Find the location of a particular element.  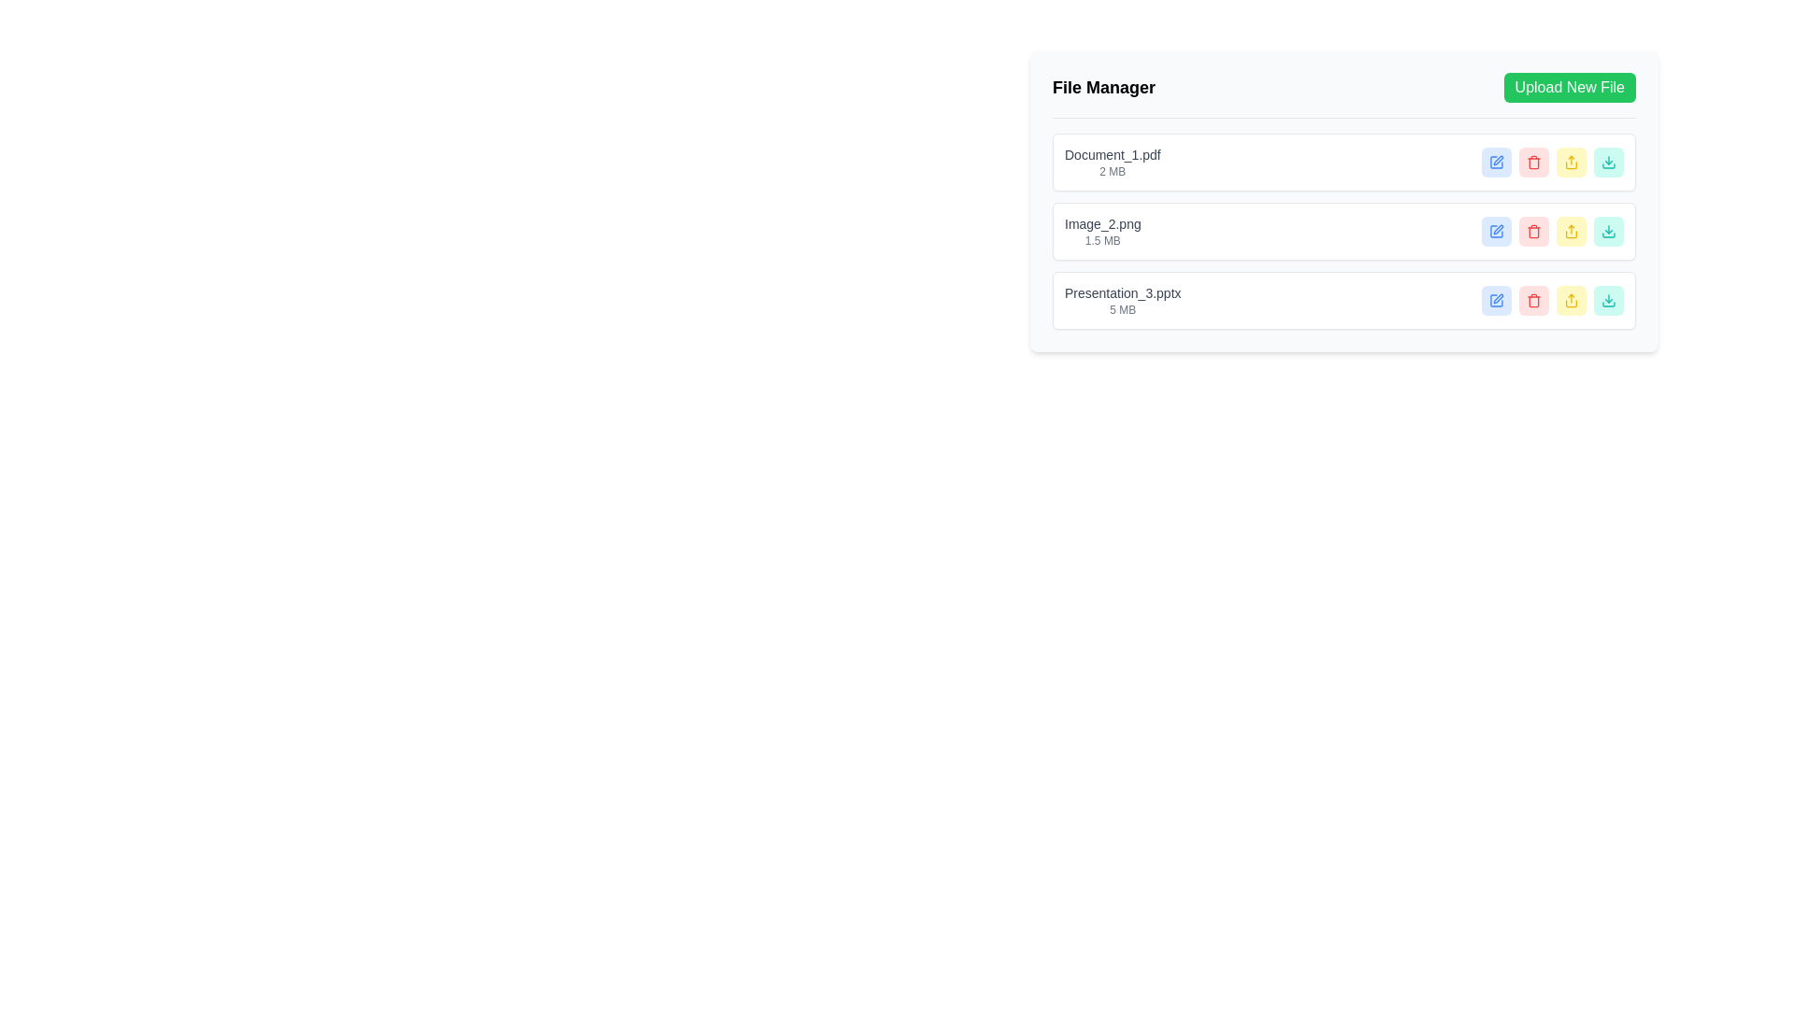

the first button (Edit) in the group of function buttons (Edit, Delete, Share, Download) in the File Manager interface is located at coordinates (1497, 230).